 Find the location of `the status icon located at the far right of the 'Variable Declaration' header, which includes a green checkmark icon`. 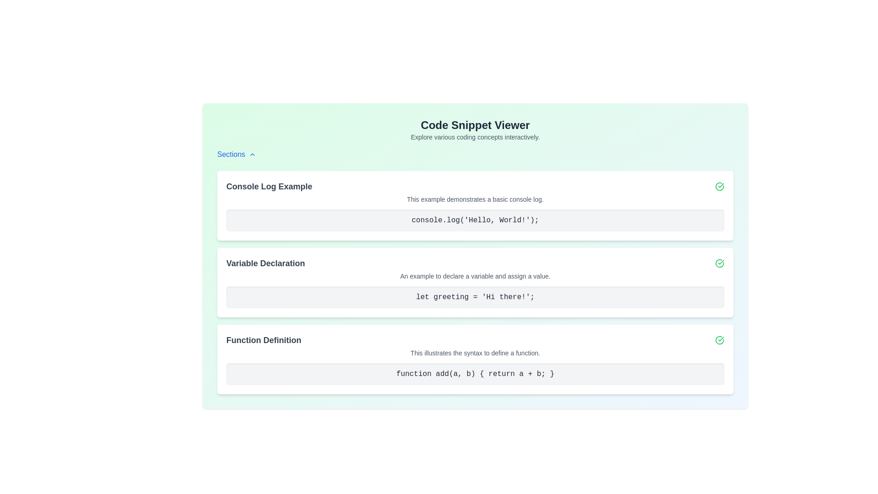

the status icon located at the far right of the 'Variable Declaration' header, which includes a green checkmark icon is located at coordinates (475, 263).